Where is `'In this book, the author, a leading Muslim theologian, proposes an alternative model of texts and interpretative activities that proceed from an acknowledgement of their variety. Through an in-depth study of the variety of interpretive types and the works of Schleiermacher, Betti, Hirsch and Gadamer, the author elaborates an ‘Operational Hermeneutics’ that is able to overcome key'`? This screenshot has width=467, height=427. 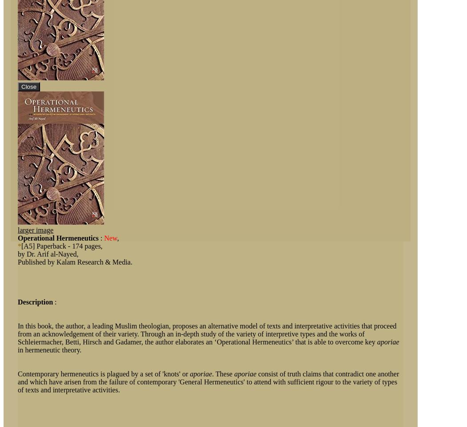
'In this book, the author, a leading Muslim theologian, proposes an alternative model of texts and interpretative activities that proceed from an acknowledgement of their variety. Through an in-depth study of the variety of interpretive types and the works of Schleiermacher, Betti, Hirsch and Gadamer, the author elaborates an ‘Operational Hermeneutics’ that is able to overcome key' is located at coordinates (207, 334).